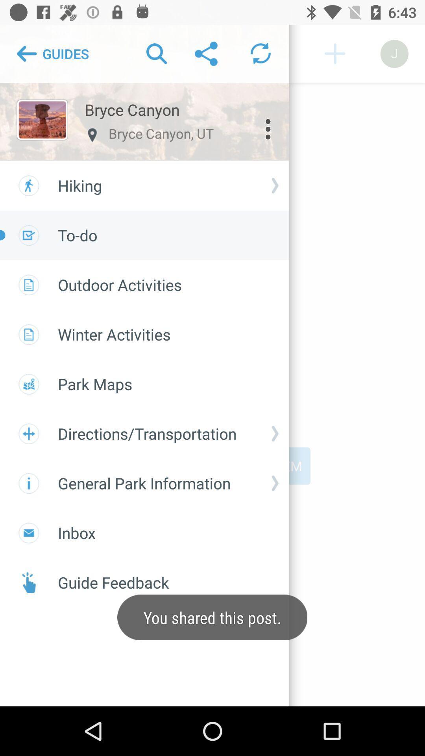 Image resolution: width=425 pixels, height=756 pixels. I want to click on the more icon, so click(268, 130).